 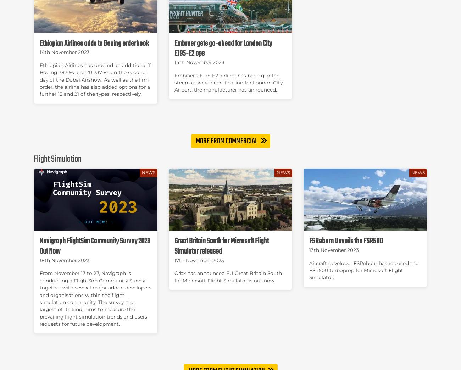 What do you see at coordinates (95, 79) in the screenshot?
I see `'Ethiopian Airlines has ordered an additional 11 Boeing 787-9s and 20 737-8s on the second day of the Dubai Airshow. As well as the firm order, the airline has also added options for a further 15 and 21 of the types, respectively.'` at bounding box center [95, 79].